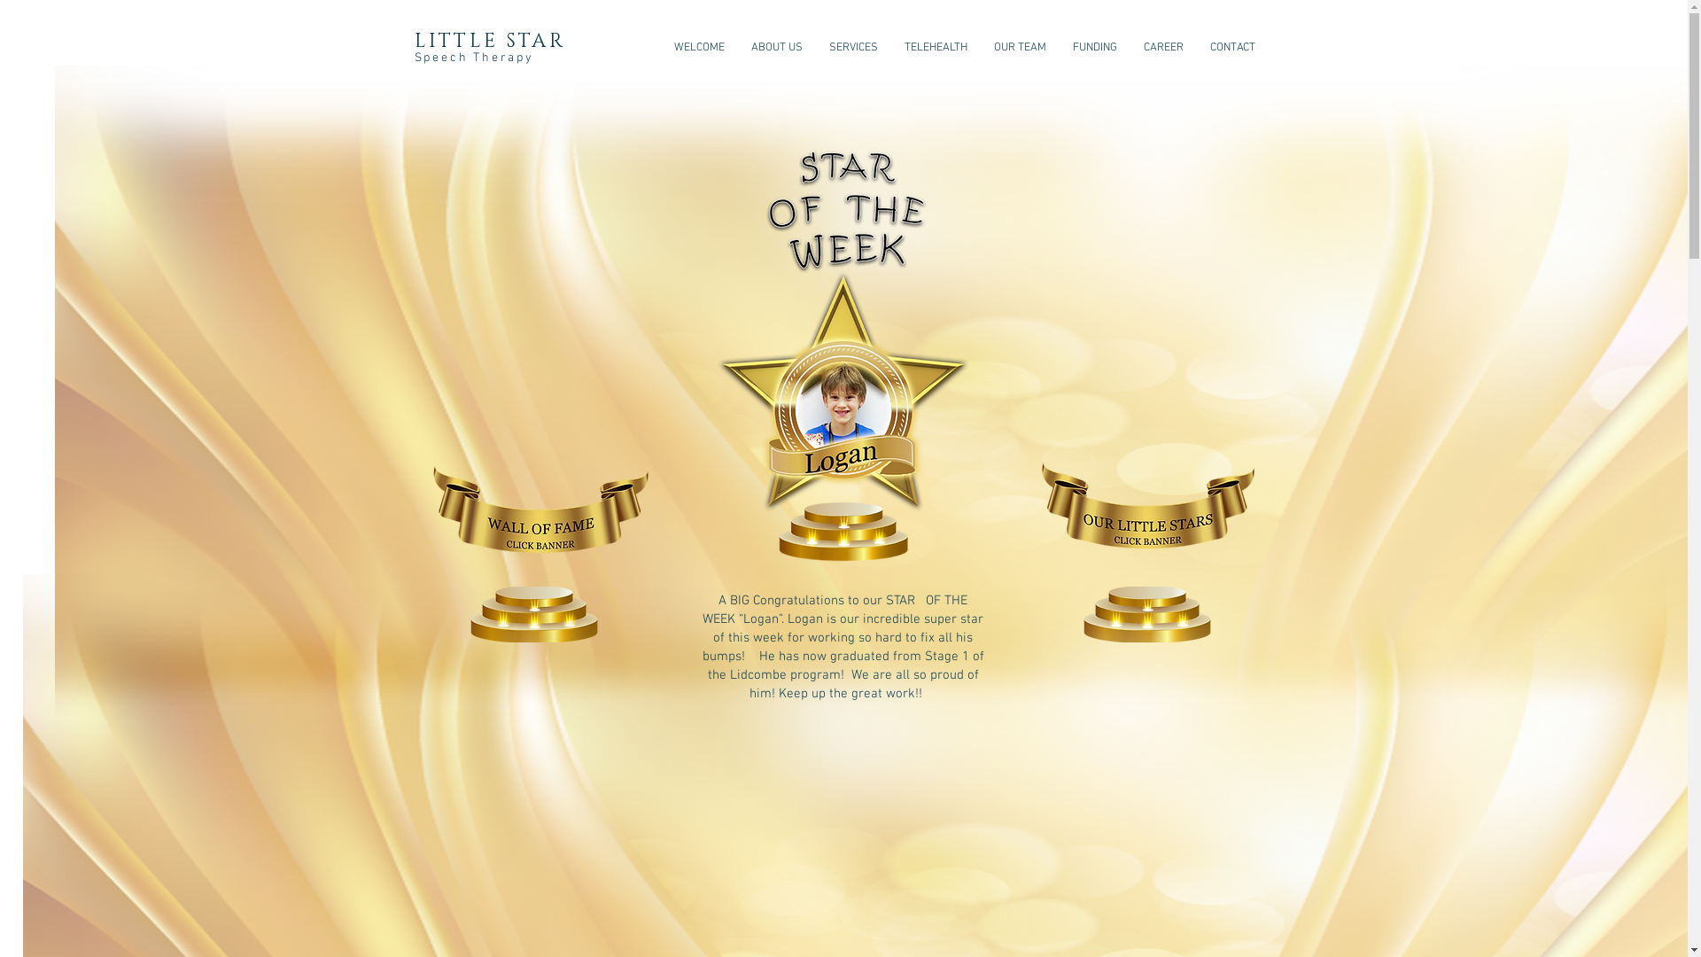 The width and height of the screenshot is (1701, 957). What do you see at coordinates (1195, 47) in the screenshot?
I see `'CONTACT'` at bounding box center [1195, 47].